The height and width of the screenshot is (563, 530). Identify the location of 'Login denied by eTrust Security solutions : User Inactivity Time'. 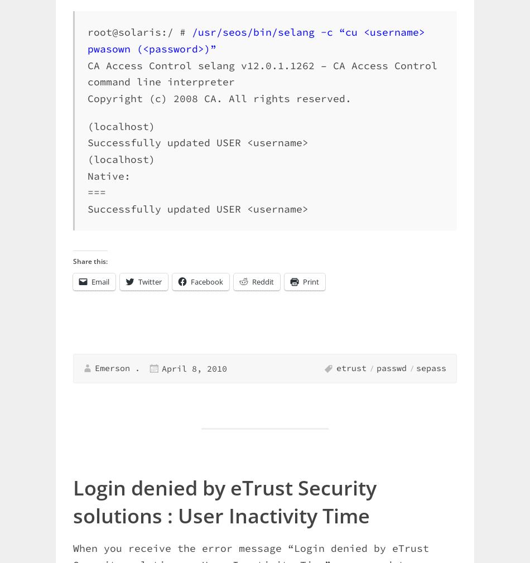
(224, 502).